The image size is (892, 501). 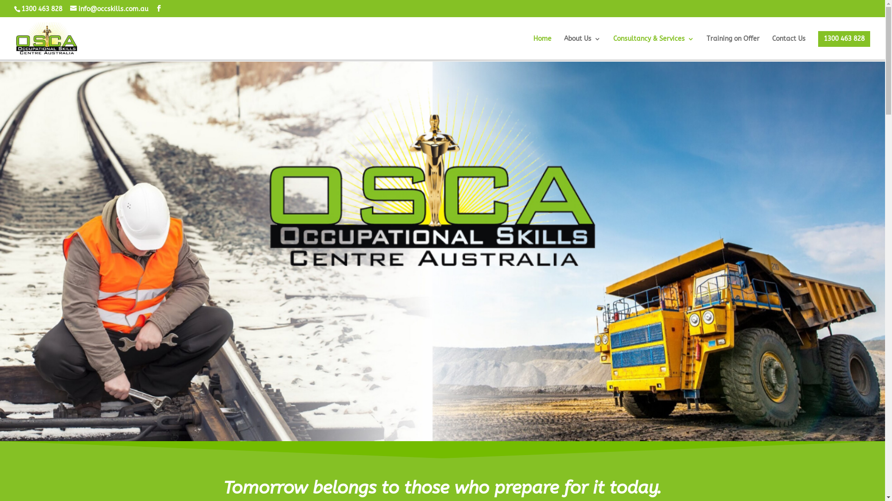 I want to click on 'Consultancy & Services', so click(x=653, y=46).